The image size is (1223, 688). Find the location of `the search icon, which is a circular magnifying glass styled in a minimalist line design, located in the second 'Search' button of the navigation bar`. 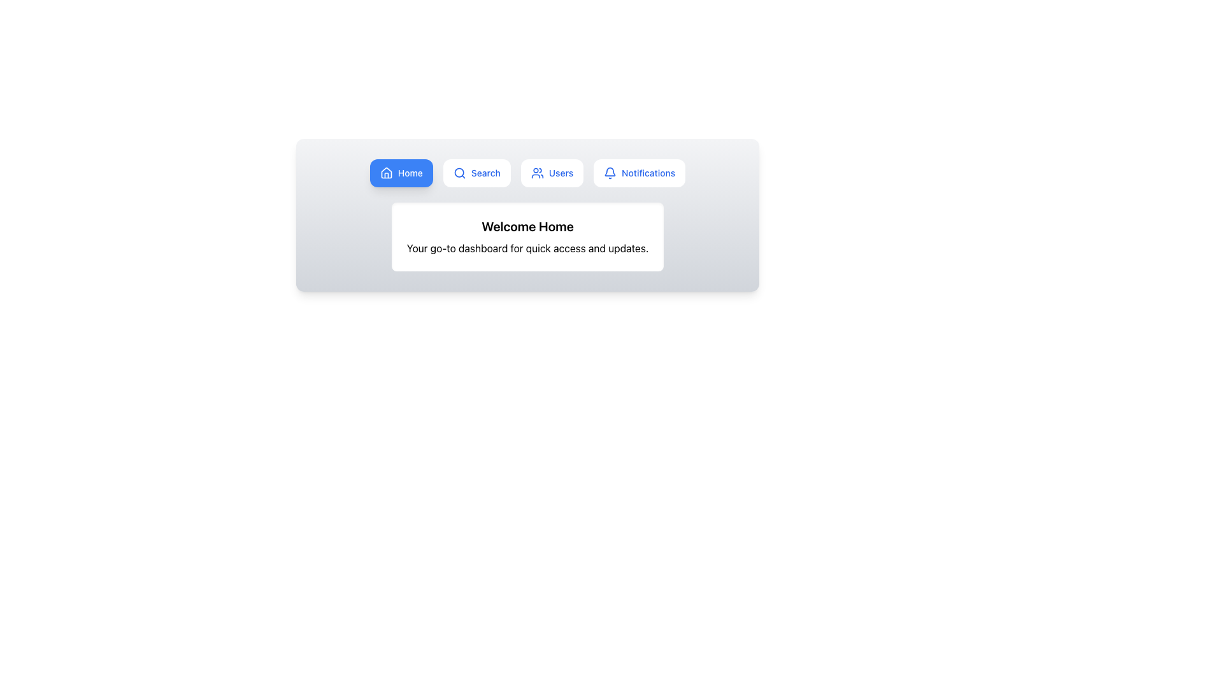

the search icon, which is a circular magnifying glass styled in a minimalist line design, located in the second 'Search' button of the navigation bar is located at coordinates (459, 173).